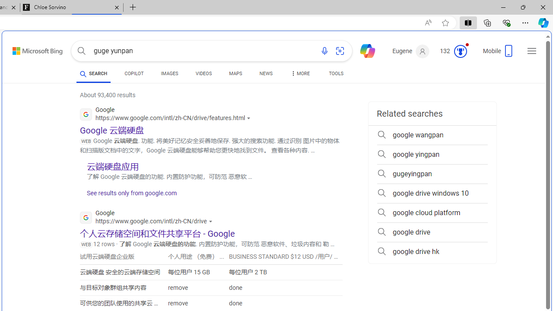 The image size is (553, 311). What do you see at coordinates (522, 7) in the screenshot?
I see `'Restore'` at bounding box center [522, 7].